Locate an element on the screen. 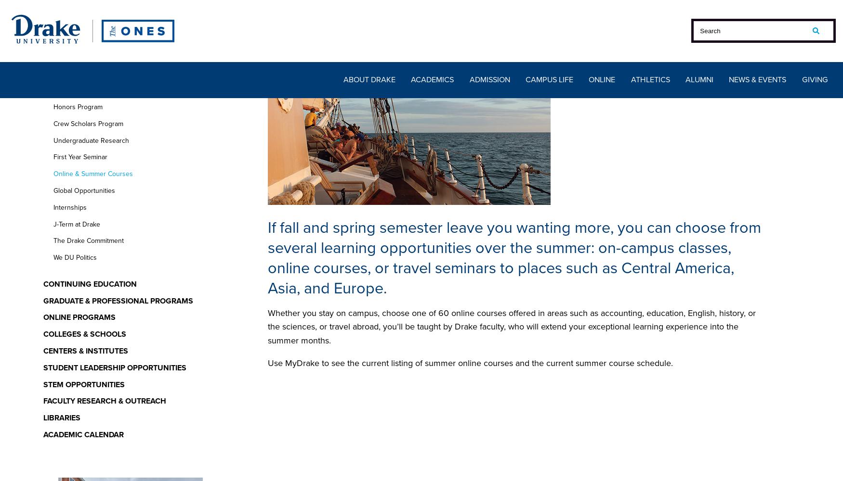  'Faculty Research & Outreach' is located at coordinates (105, 400).